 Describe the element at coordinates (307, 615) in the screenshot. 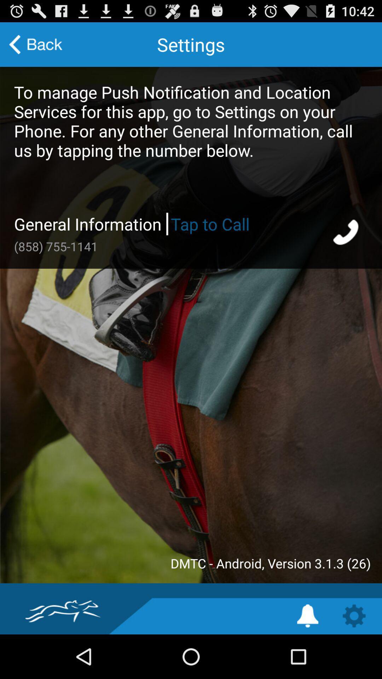

I see `notifications` at that location.